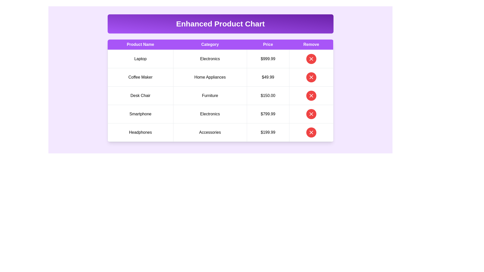 This screenshot has width=484, height=272. What do you see at coordinates (268, 77) in the screenshot?
I see `the static text displaying the price of the product 'Coffee Maker' located in the 'Price' column of the second row of the table` at bounding box center [268, 77].